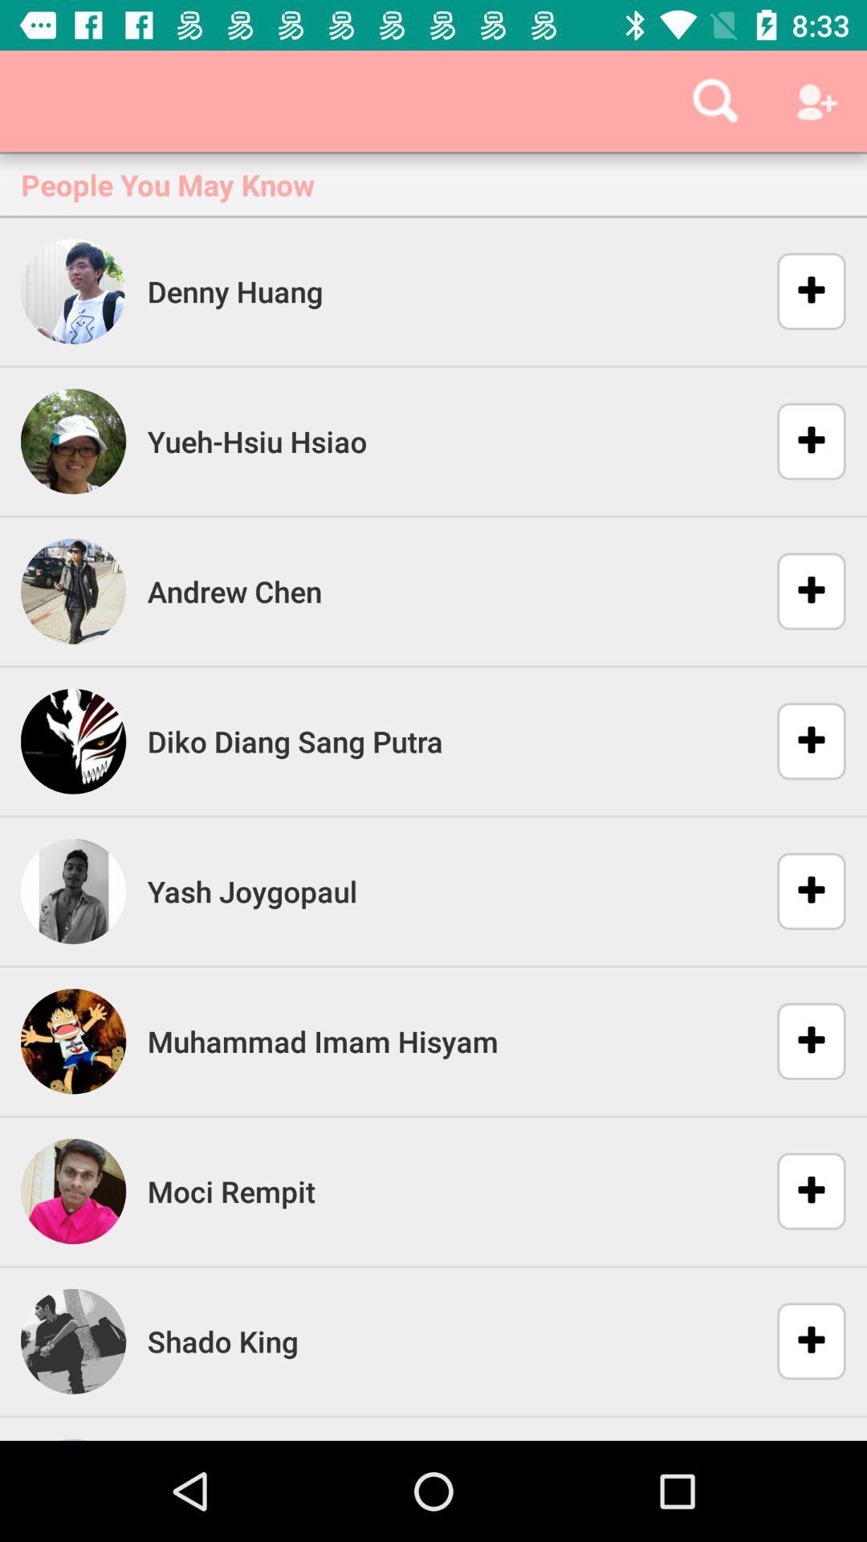  What do you see at coordinates (74, 442) in the screenshot?
I see `the image left to yuehhsiu hsiao` at bounding box center [74, 442].